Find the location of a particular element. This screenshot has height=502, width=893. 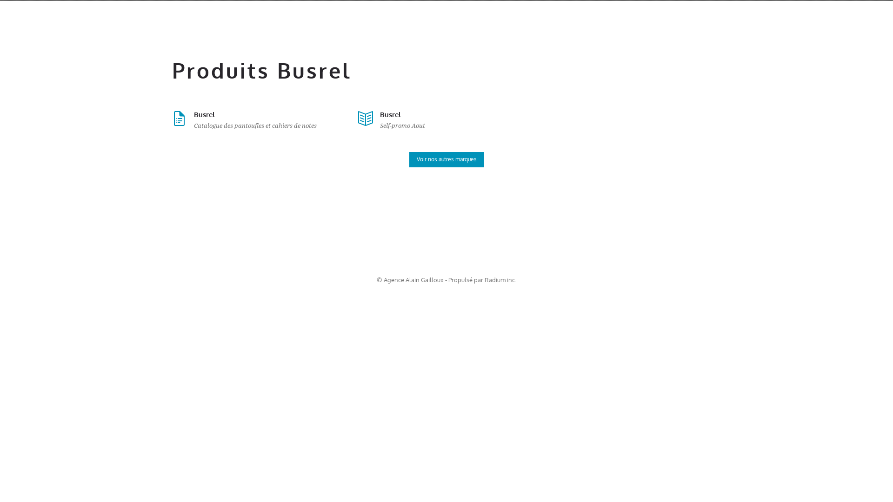

'Voir nos autres marques' is located at coordinates (446, 159).